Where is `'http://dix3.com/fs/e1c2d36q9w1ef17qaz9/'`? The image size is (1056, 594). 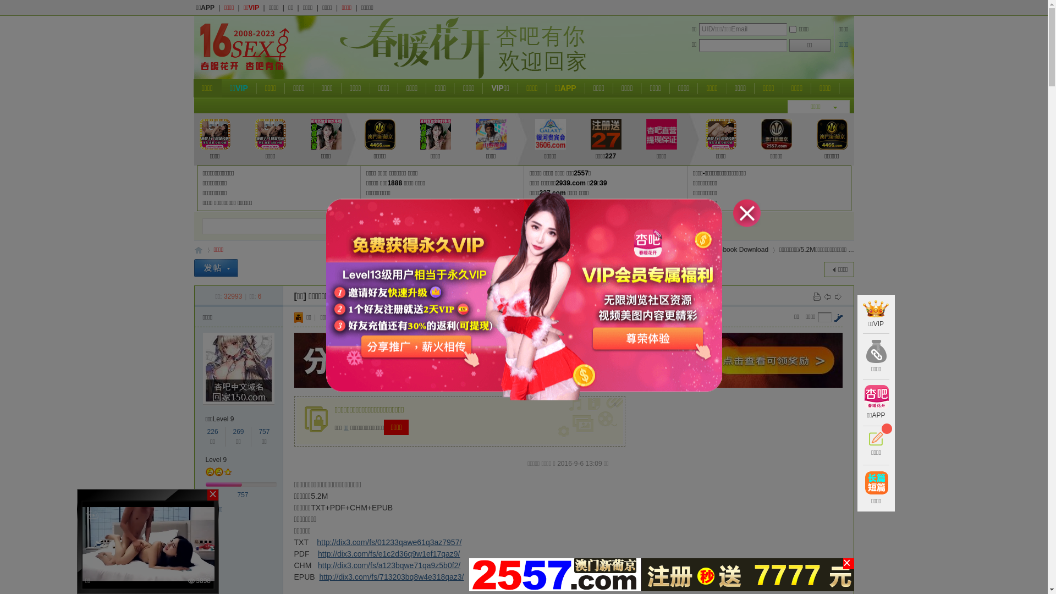
'http://dix3.com/fs/e1c2d36q9w1ef17qaz9/' is located at coordinates (388, 553).